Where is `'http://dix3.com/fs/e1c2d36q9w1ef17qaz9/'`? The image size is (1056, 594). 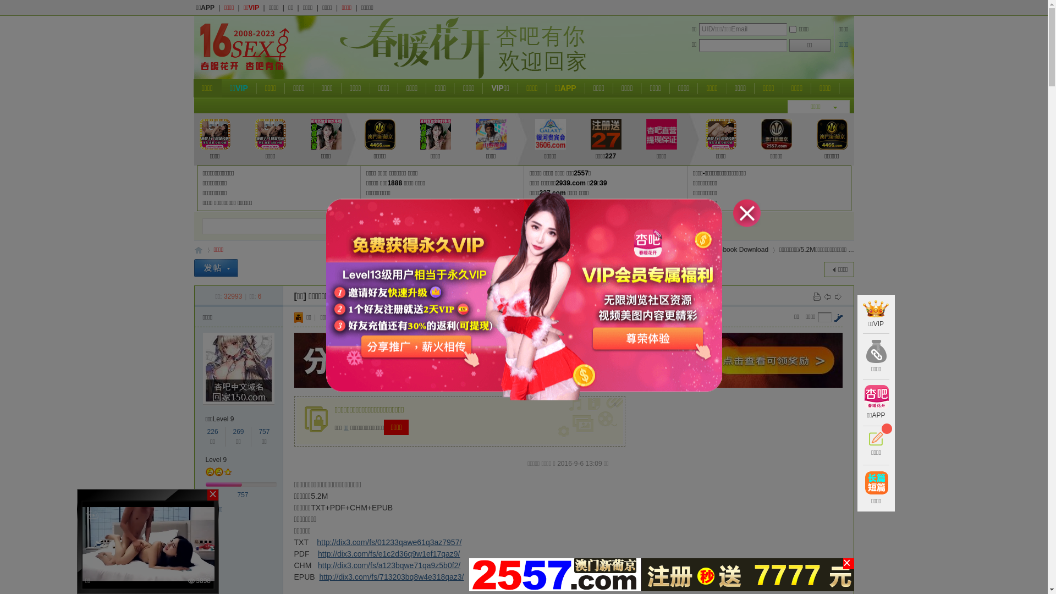
'http://dix3.com/fs/e1c2d36q9w1ef17qaz9/' is located at coordinates (388, 553).